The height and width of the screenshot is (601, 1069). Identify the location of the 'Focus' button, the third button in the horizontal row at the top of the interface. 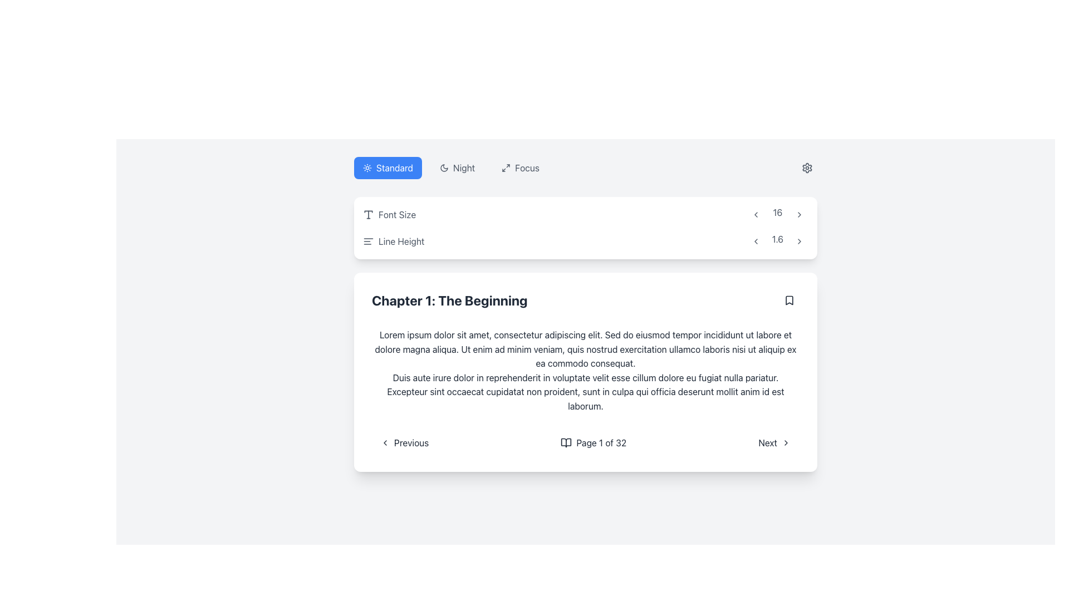
(520, 168).